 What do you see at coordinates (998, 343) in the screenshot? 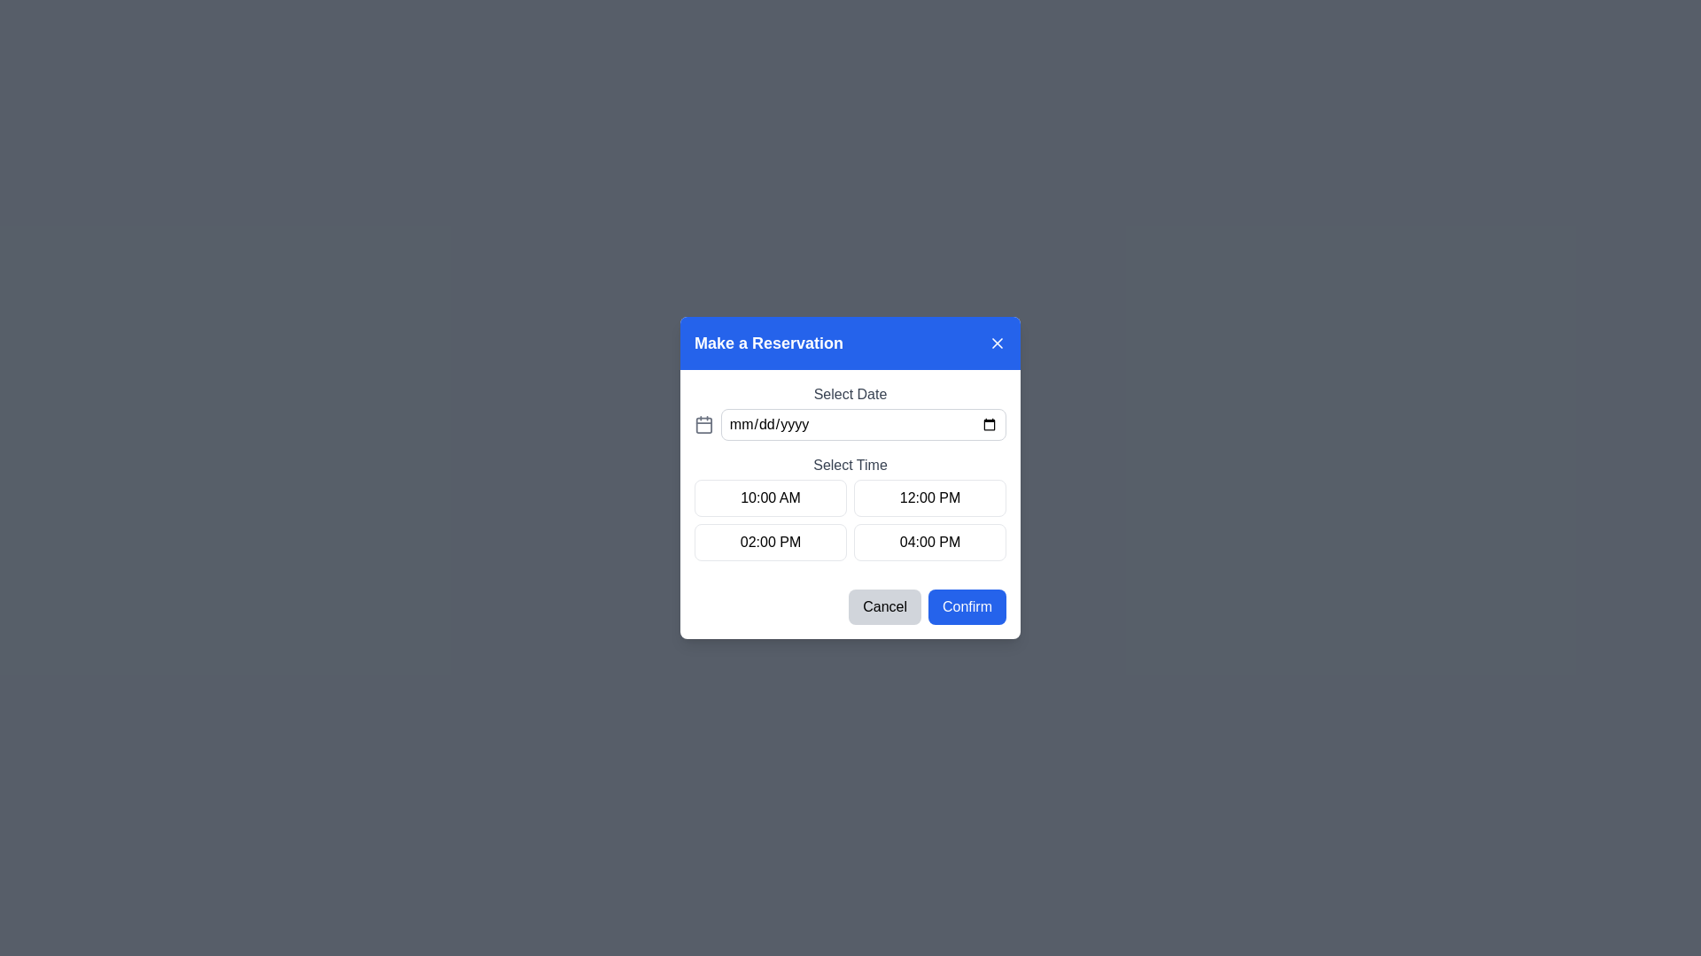
I see `the close button represented by a diagonal cross located at the top-right corner of the modal dialog box header, adjacent to the title 'Make a Reservation'` at bounding box center [998, 343].